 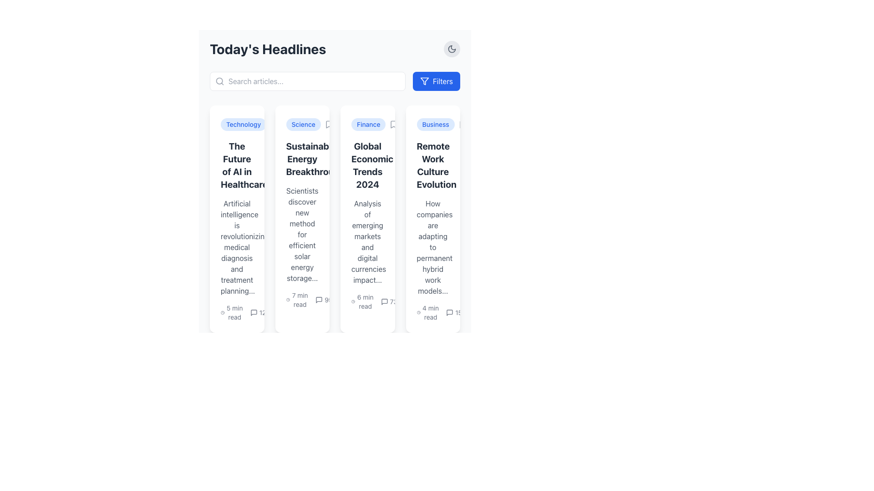 I want to click on 'Technology' label, which is a small rounded label with blue text on a light blue background, located at the top-left of a card-like layout above the title 'The Future of AI in Healthcare', so click(x=237, y=124).